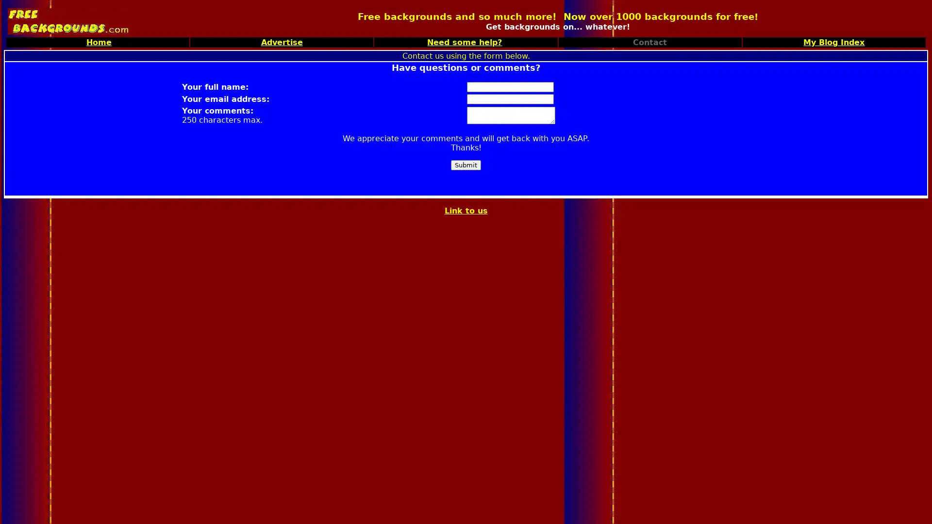 The width and height of the screenshot is (932, 524). I want to click on Submit, so click(466, 164).